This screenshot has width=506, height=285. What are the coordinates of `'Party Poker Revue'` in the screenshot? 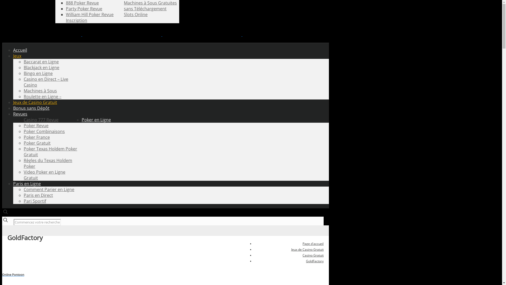 It's located at (84, 9).